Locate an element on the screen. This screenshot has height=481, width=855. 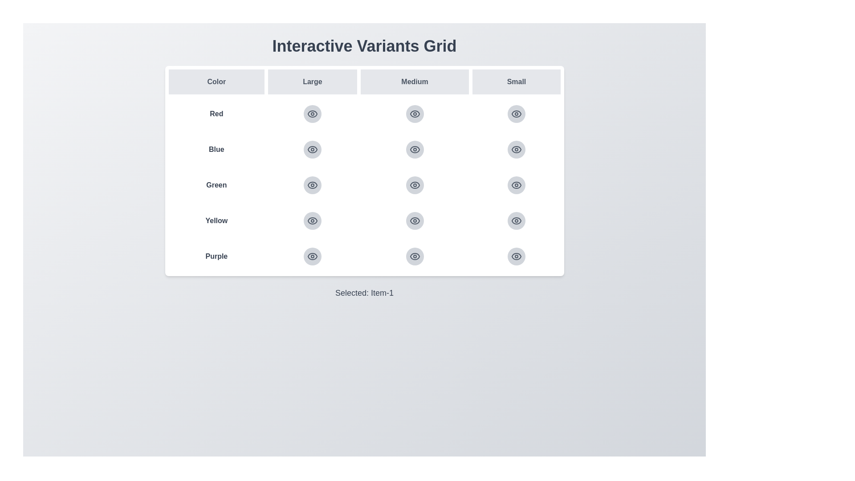
the Icon button in the 'Interactive Variants Grid' located in the fourth row (associated with 'Yellow') and the first column (associated with 'Large') is located at coordinates (312, 220).